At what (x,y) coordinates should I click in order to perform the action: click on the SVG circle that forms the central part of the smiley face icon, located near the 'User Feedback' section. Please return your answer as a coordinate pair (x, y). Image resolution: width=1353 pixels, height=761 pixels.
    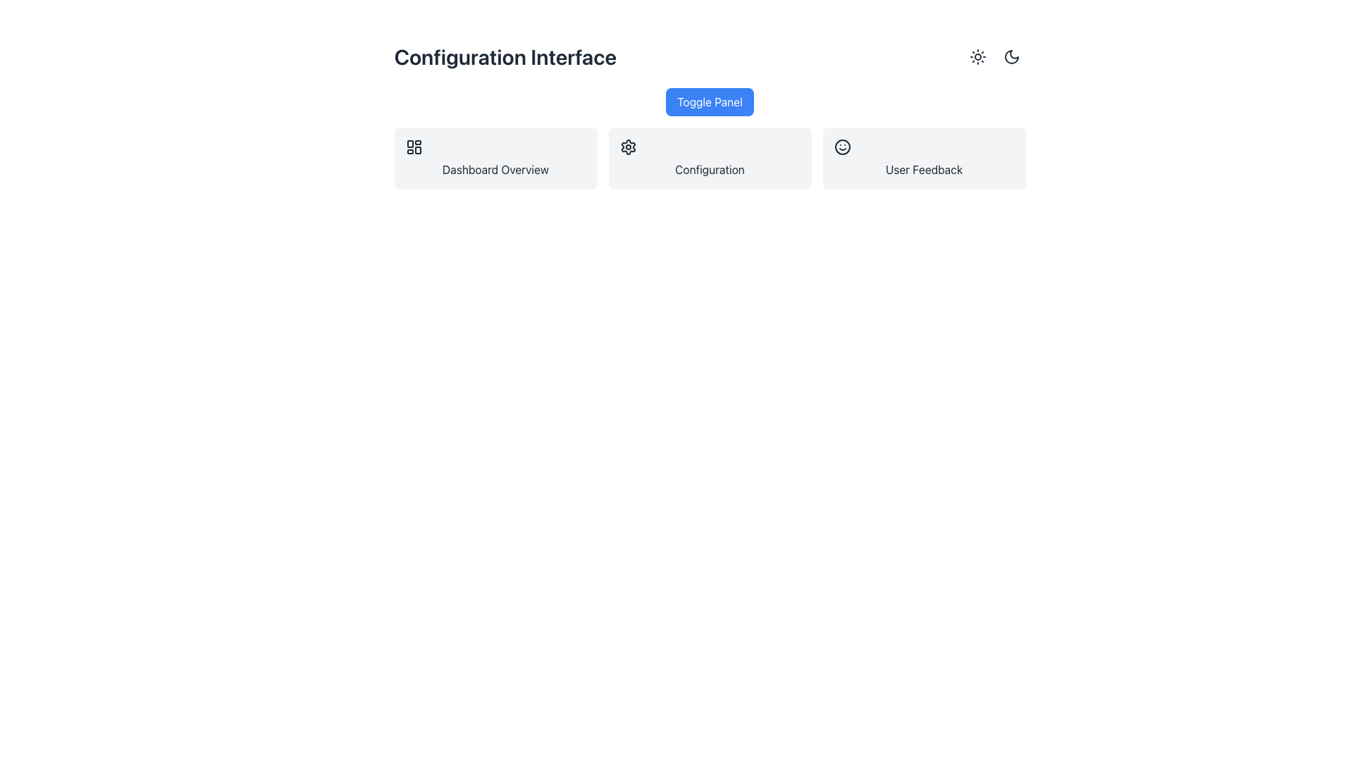
    Looking at the image, I should click on (842, 147).